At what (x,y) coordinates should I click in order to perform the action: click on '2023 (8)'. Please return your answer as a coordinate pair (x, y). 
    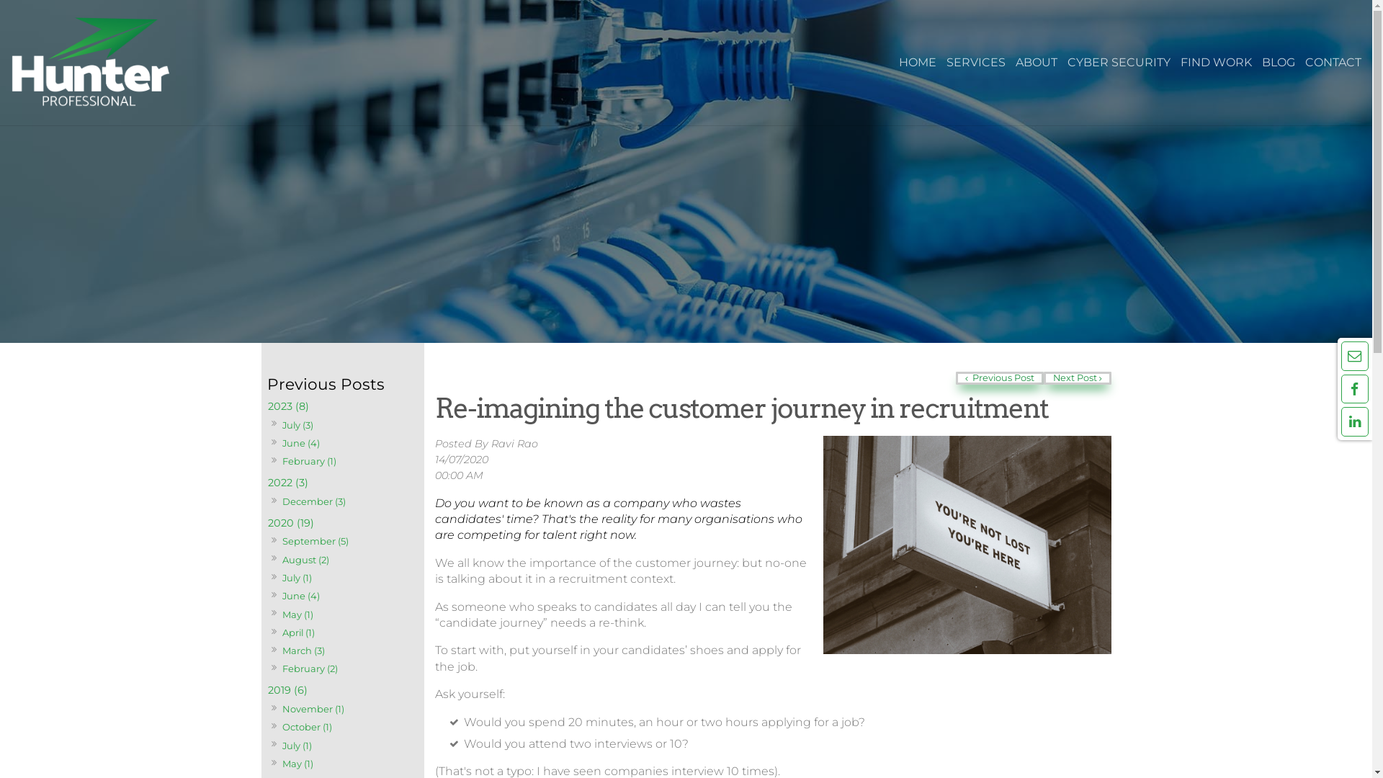
    Looking at the image, I should click on (341, 406).